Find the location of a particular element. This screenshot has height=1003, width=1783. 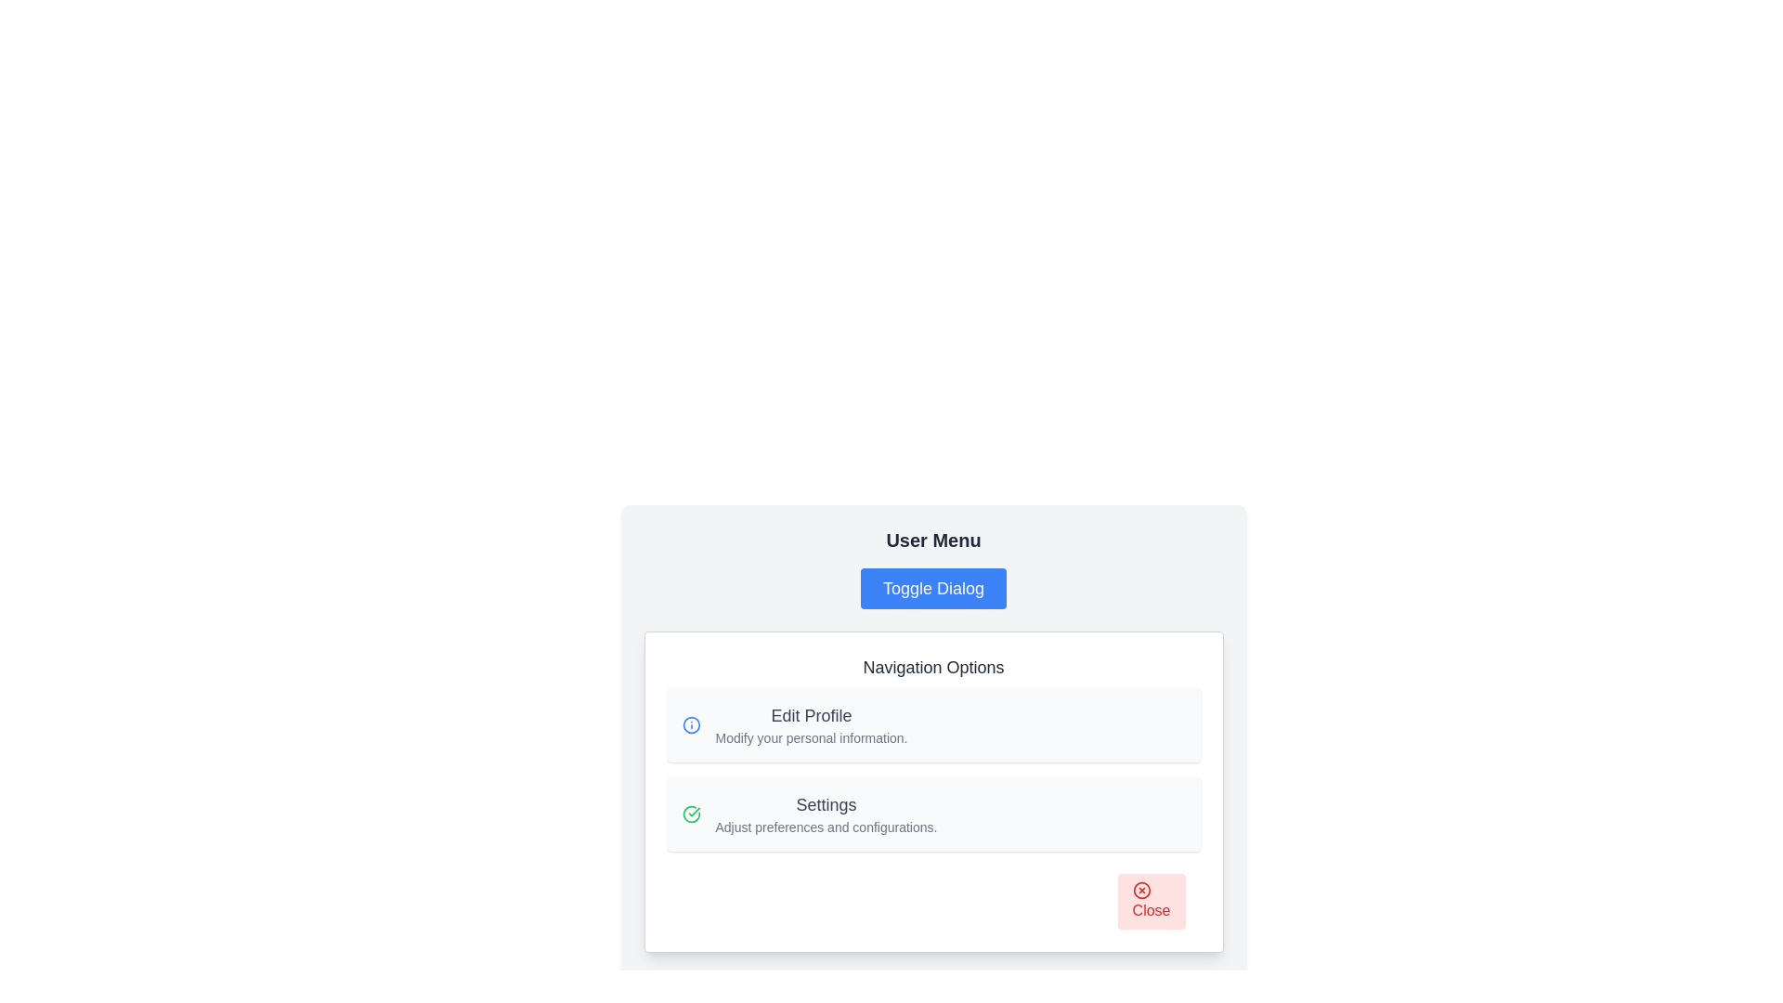

the Text label that serves as a title for the profile editing feature, located at the top section of the options list under 'Navigation Options' is located at coordinates (811, 715).